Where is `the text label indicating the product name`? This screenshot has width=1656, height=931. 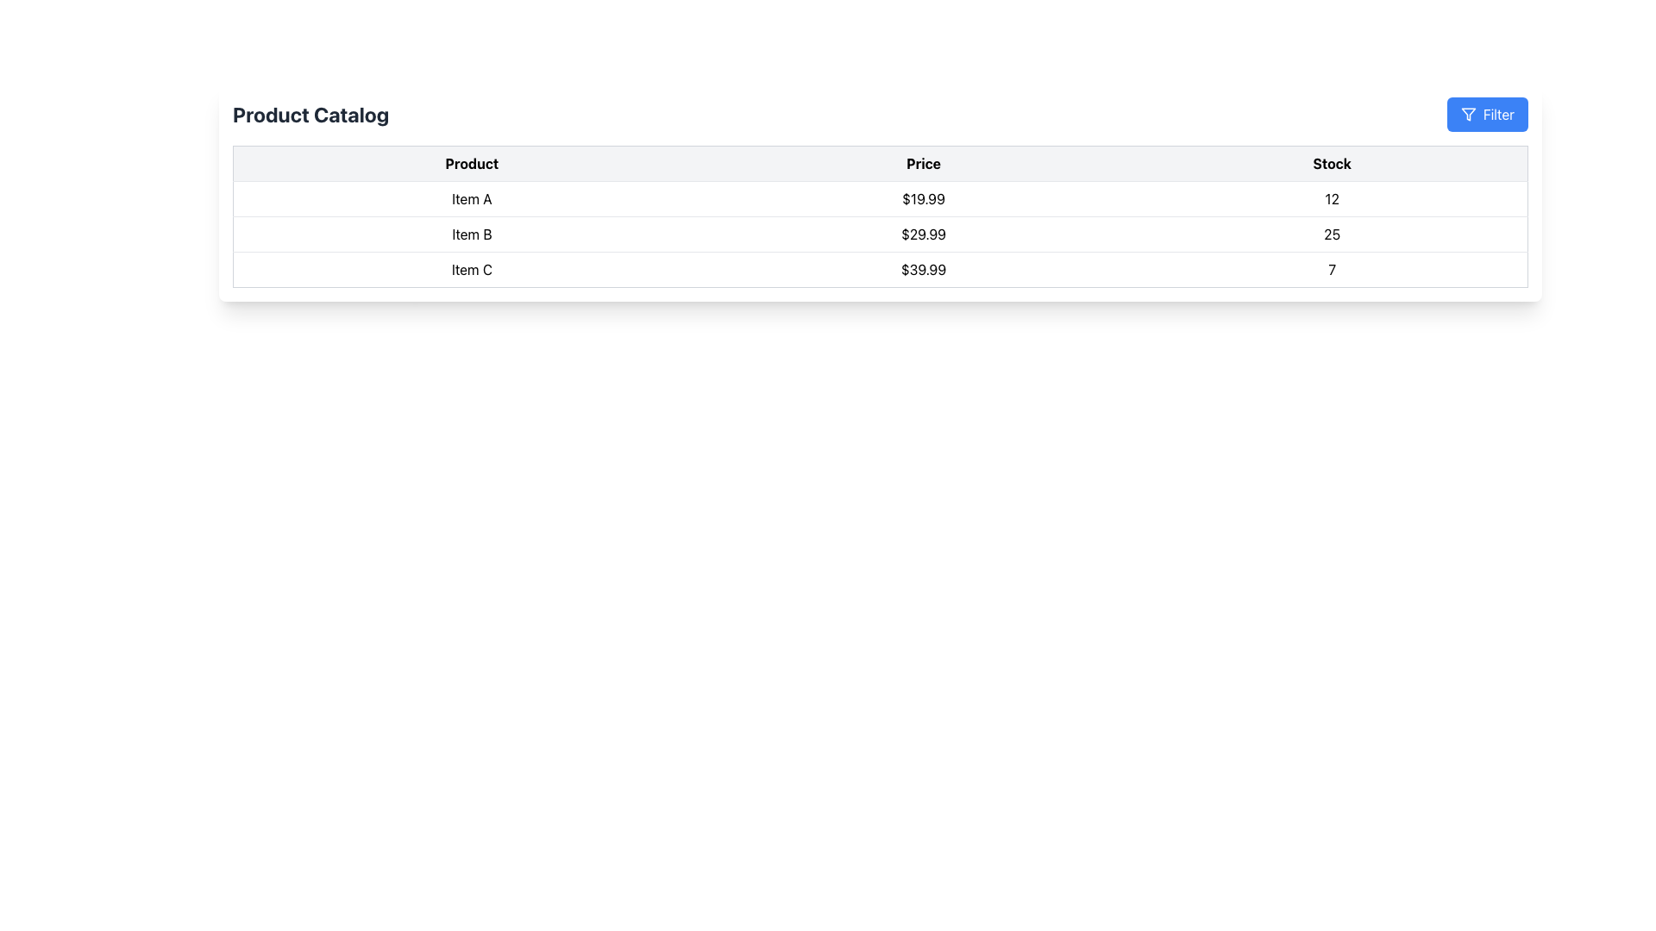 the text label indicating the product name is located at coordinates (472, 234).